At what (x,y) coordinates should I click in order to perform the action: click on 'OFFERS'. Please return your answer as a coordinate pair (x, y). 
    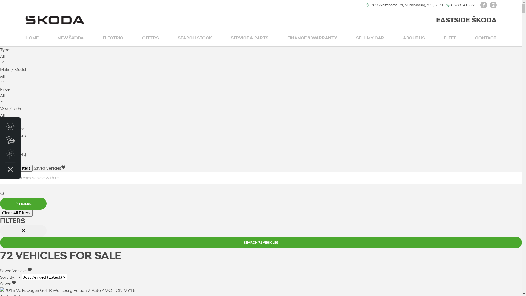
    Looking at the image, I should click on (142, 38).